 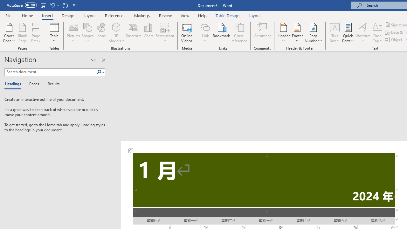 I want to click on 'Class: NetUIImage', so click(x=99, y=72).